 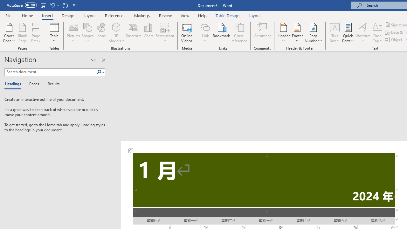 I want to click on 'Class: NetUIImage', so click(x=99, y=72).